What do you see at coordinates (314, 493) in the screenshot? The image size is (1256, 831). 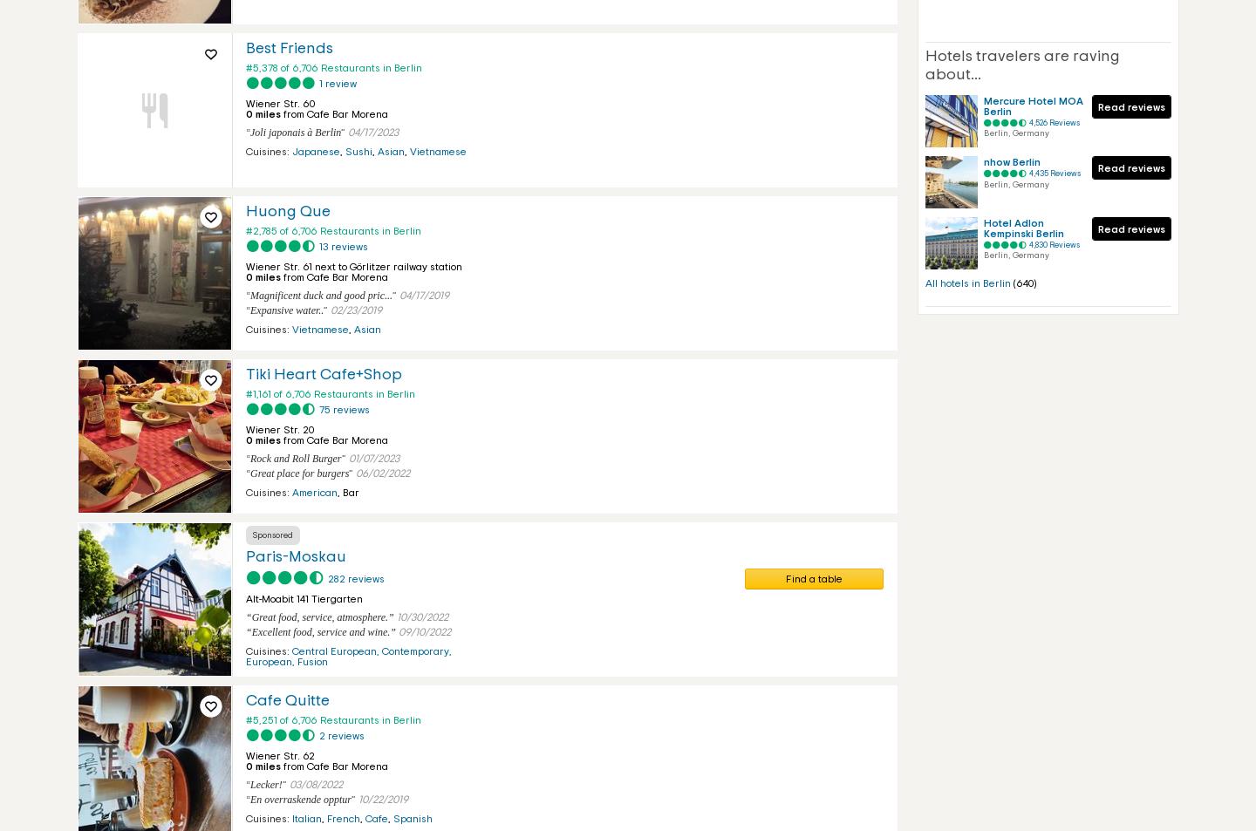 I see `'American'` at bounding box center [314, 493].